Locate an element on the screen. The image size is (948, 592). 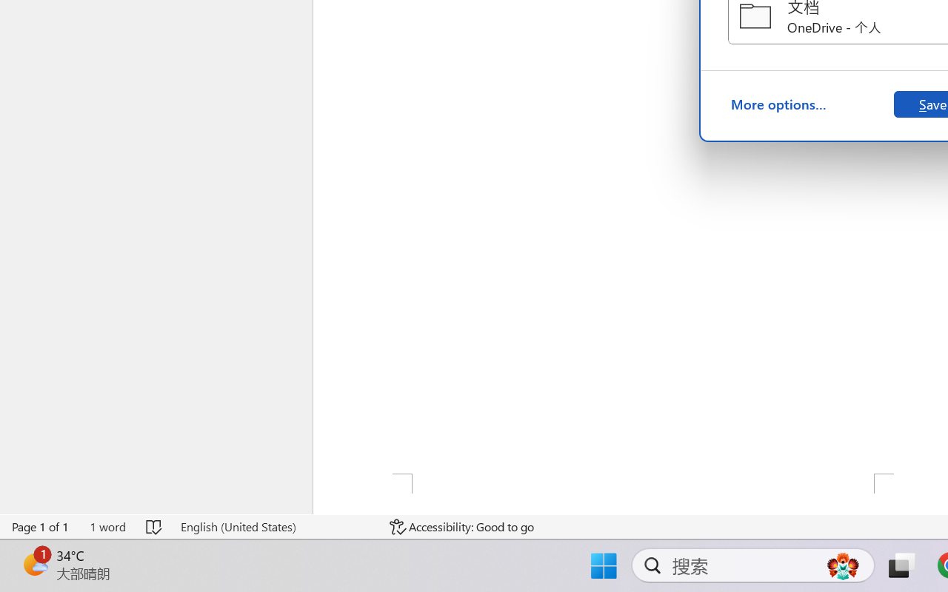
'AutomationID: DynamicSearchBoxGleamImage' is located at coordinates (843, 565).